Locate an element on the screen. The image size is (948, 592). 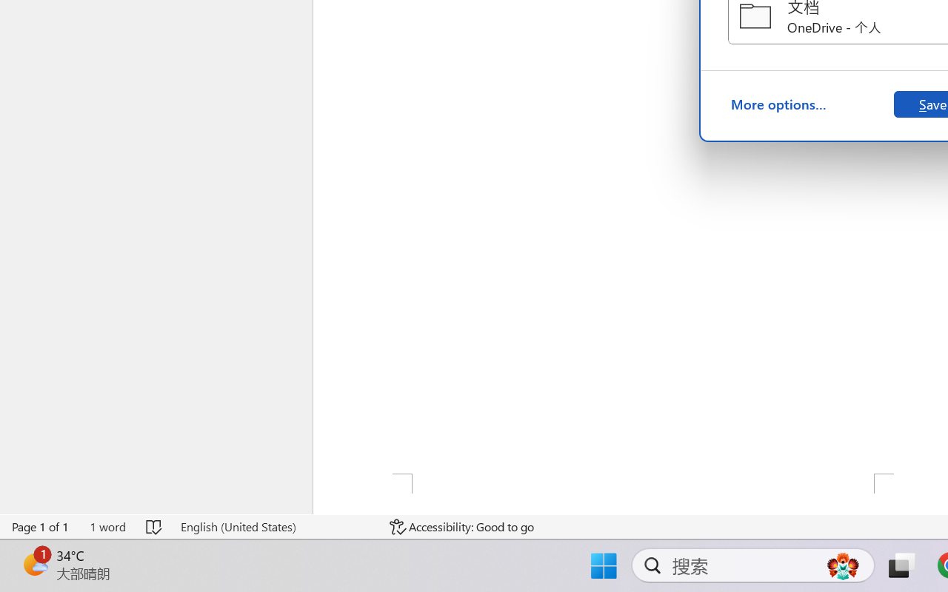
'AutomationID: DynamicSearchBoxGleamImage' is located at coordinates (843, 565).